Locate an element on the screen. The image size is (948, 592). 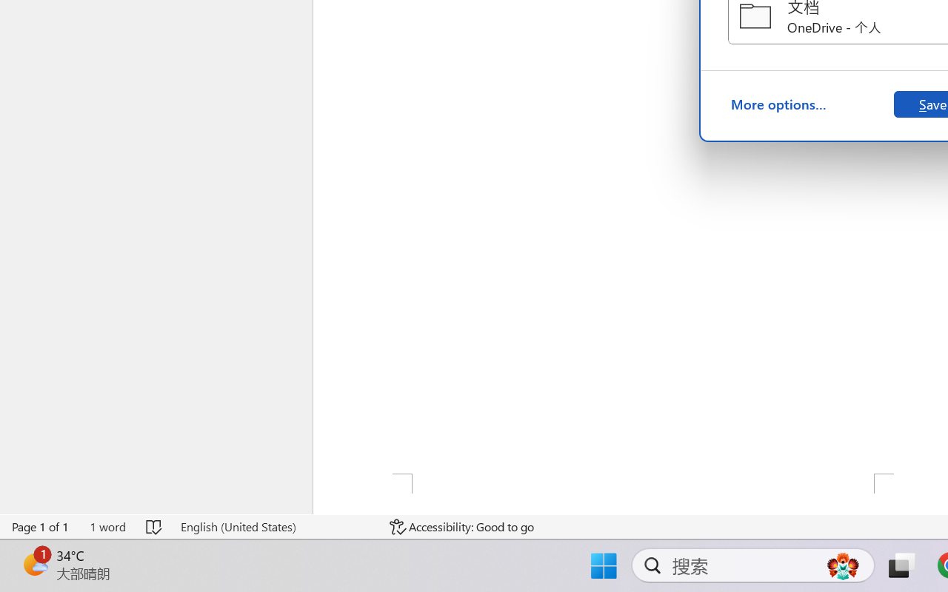
'AutomationID: DynamicSearchBoxGleamImage' is located at coordinates (843, 565).